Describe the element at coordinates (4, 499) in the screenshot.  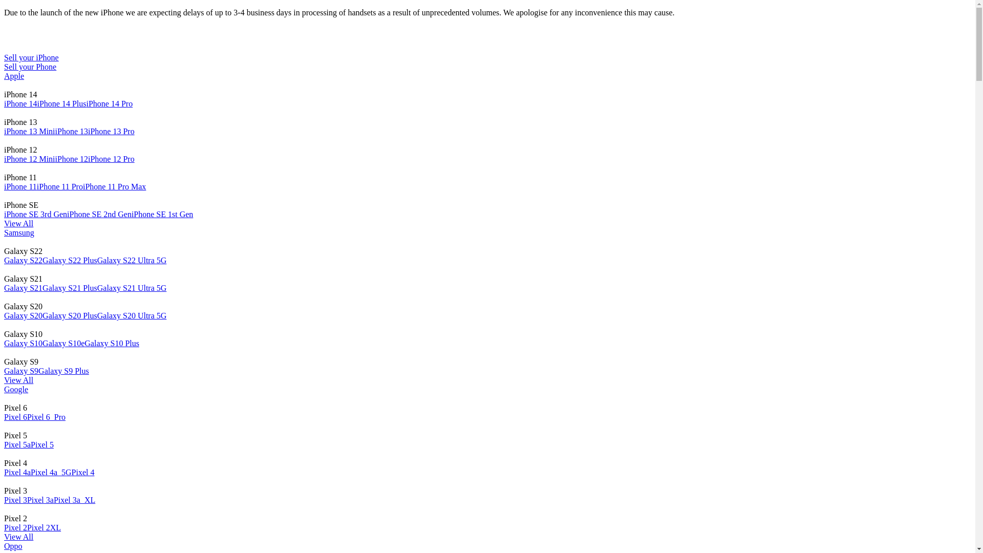
I see `'Pixel 3'` at that location.